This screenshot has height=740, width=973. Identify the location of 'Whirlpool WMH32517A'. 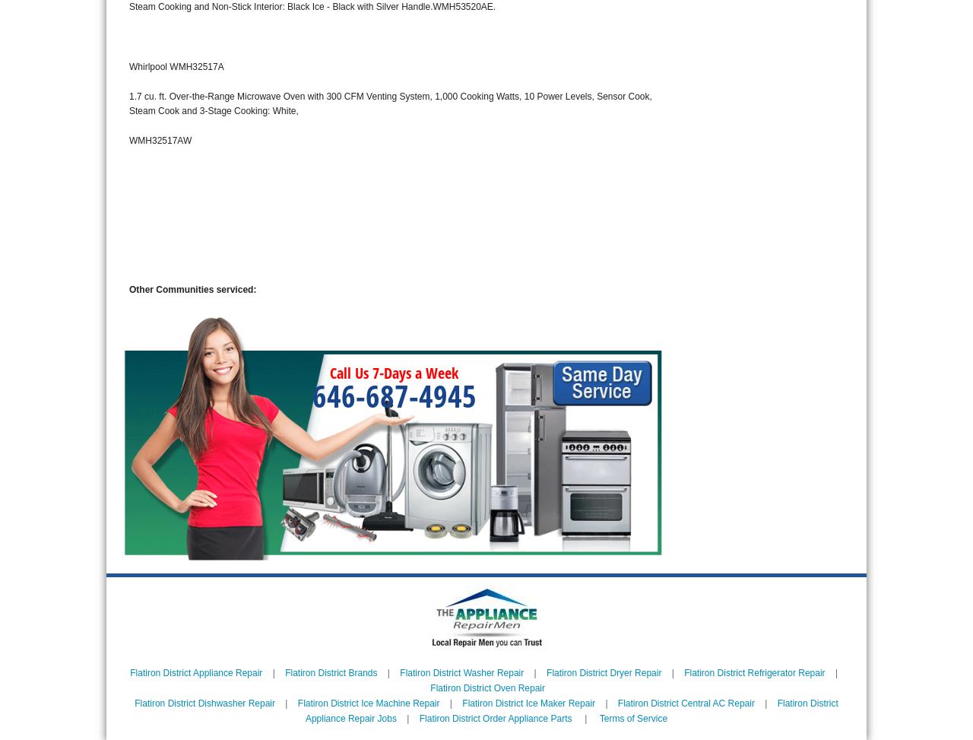
(176, 65).